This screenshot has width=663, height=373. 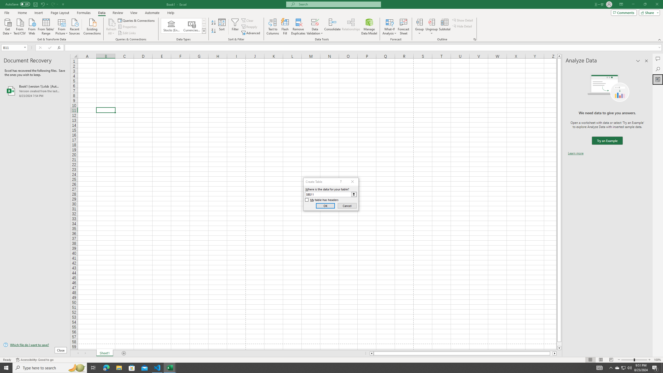 I want to click on 'Ungroup...', so click(x=431, y=27).